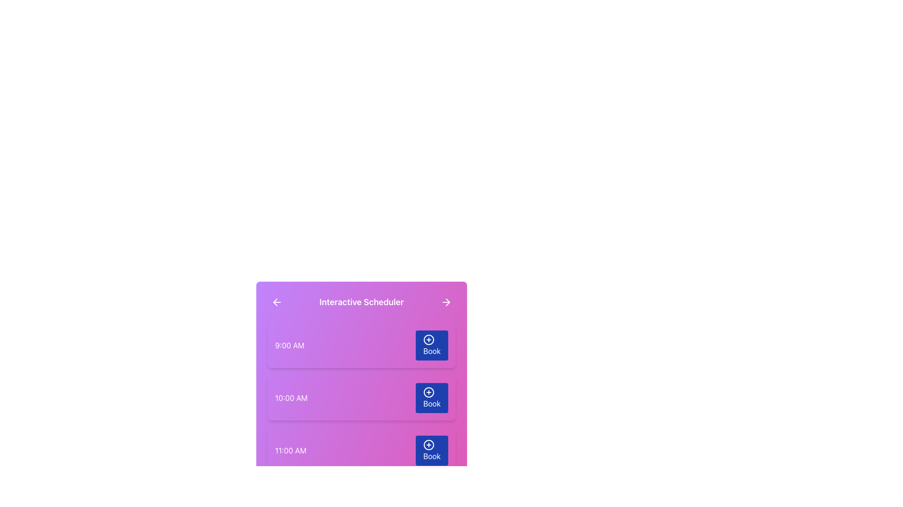  What do you see at coordinates (277, 302) in the screenshot?
I see `the navigation button located at the top-left corner of the purple gradient bar` at bounding box center [277, 302].